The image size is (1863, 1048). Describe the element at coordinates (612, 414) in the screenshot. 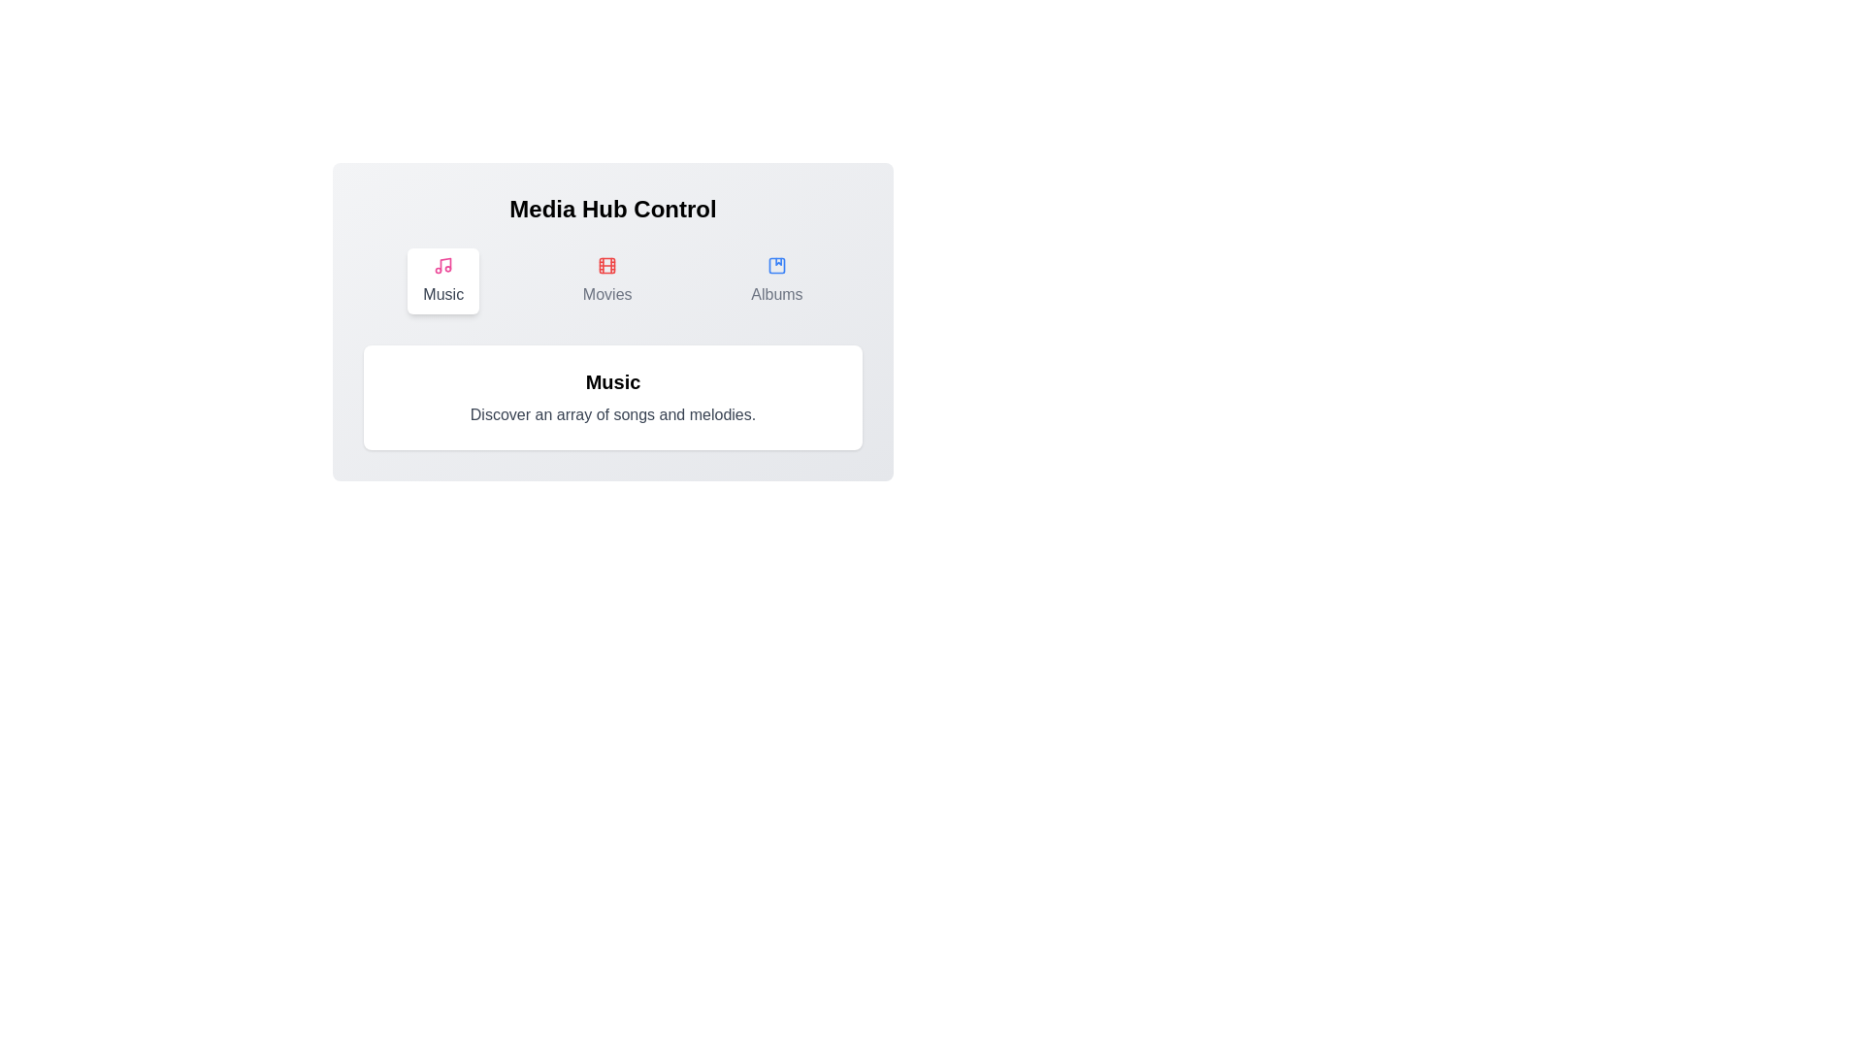

I see `the descriptive text to select it` at that location.